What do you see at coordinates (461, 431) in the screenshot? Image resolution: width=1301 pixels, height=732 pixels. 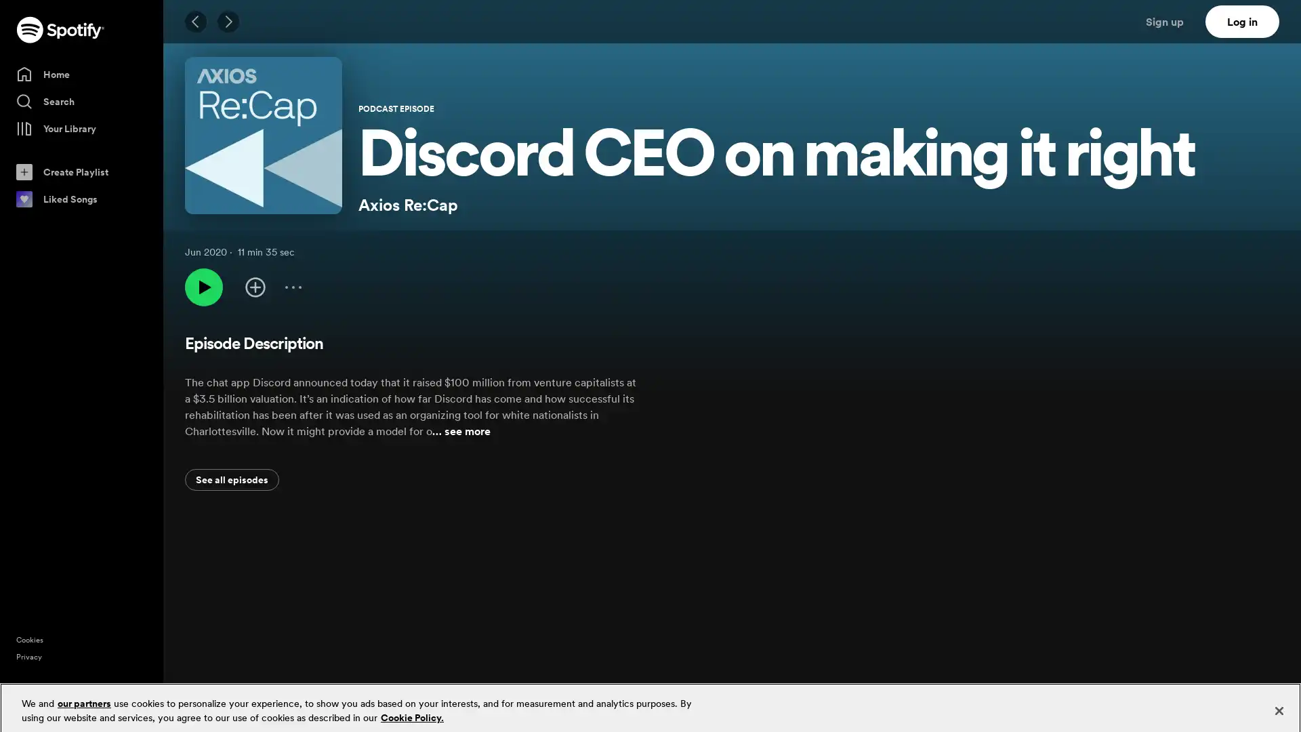 I see `... see more` at bounding box center [461, 431].